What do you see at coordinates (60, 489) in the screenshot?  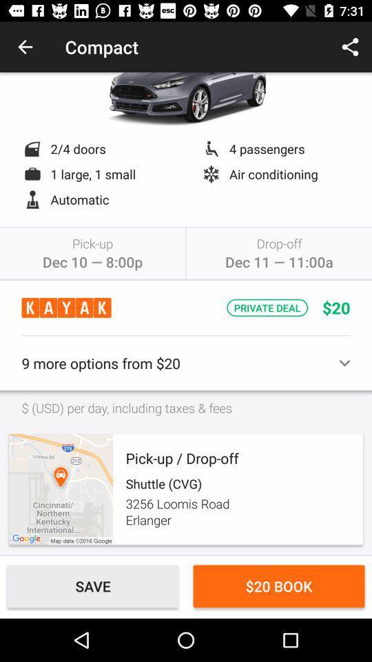 I see `open gps` at bounding box center [60, 489].